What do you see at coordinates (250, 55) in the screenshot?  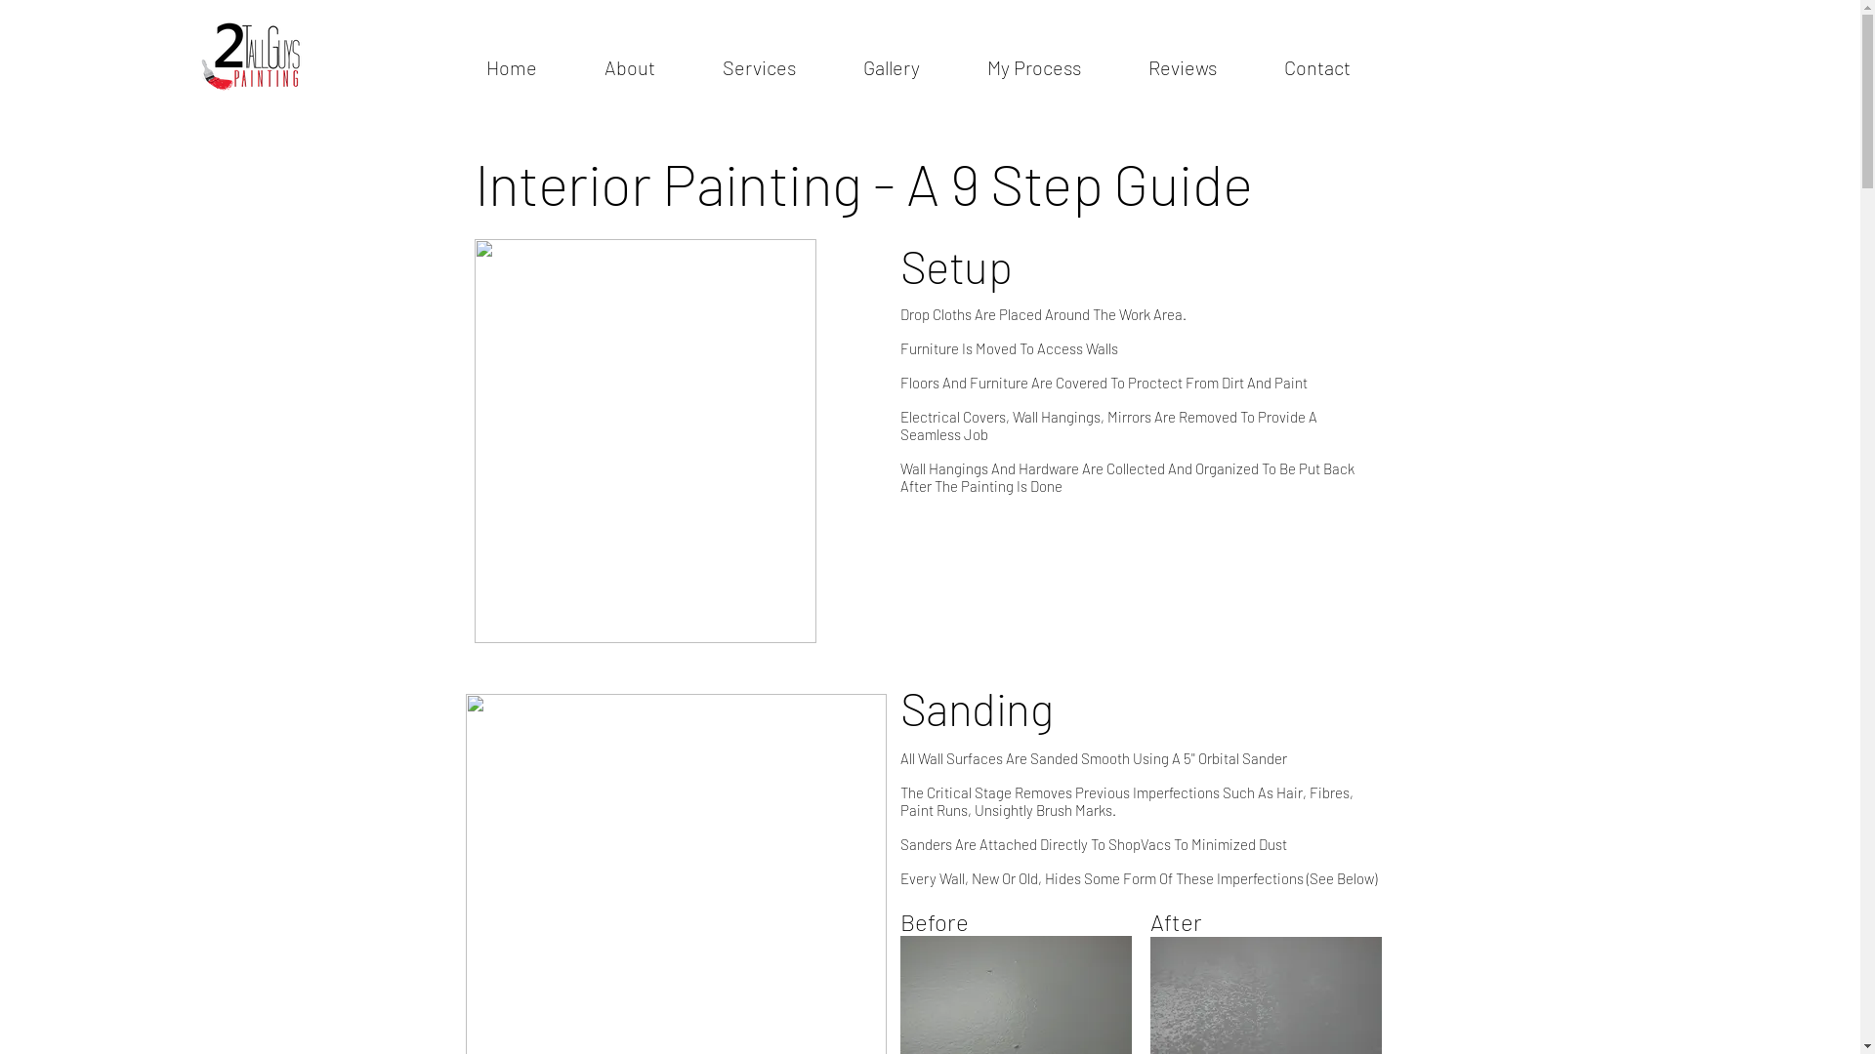 I see `'2-TALL-GUYS-painting-logo-web.png'` at bounding box center [250, 55].